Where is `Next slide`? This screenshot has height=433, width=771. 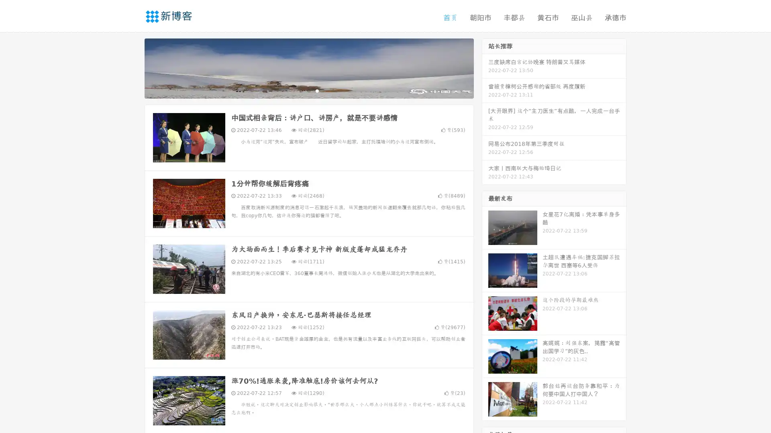
Next slide is located at coordinates (485, 67).